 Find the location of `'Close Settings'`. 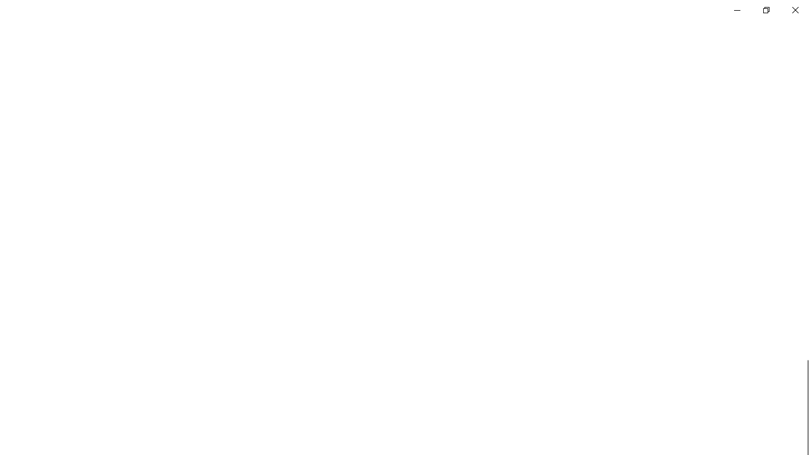

'Close Settings' is located at coordinates (794, 9).